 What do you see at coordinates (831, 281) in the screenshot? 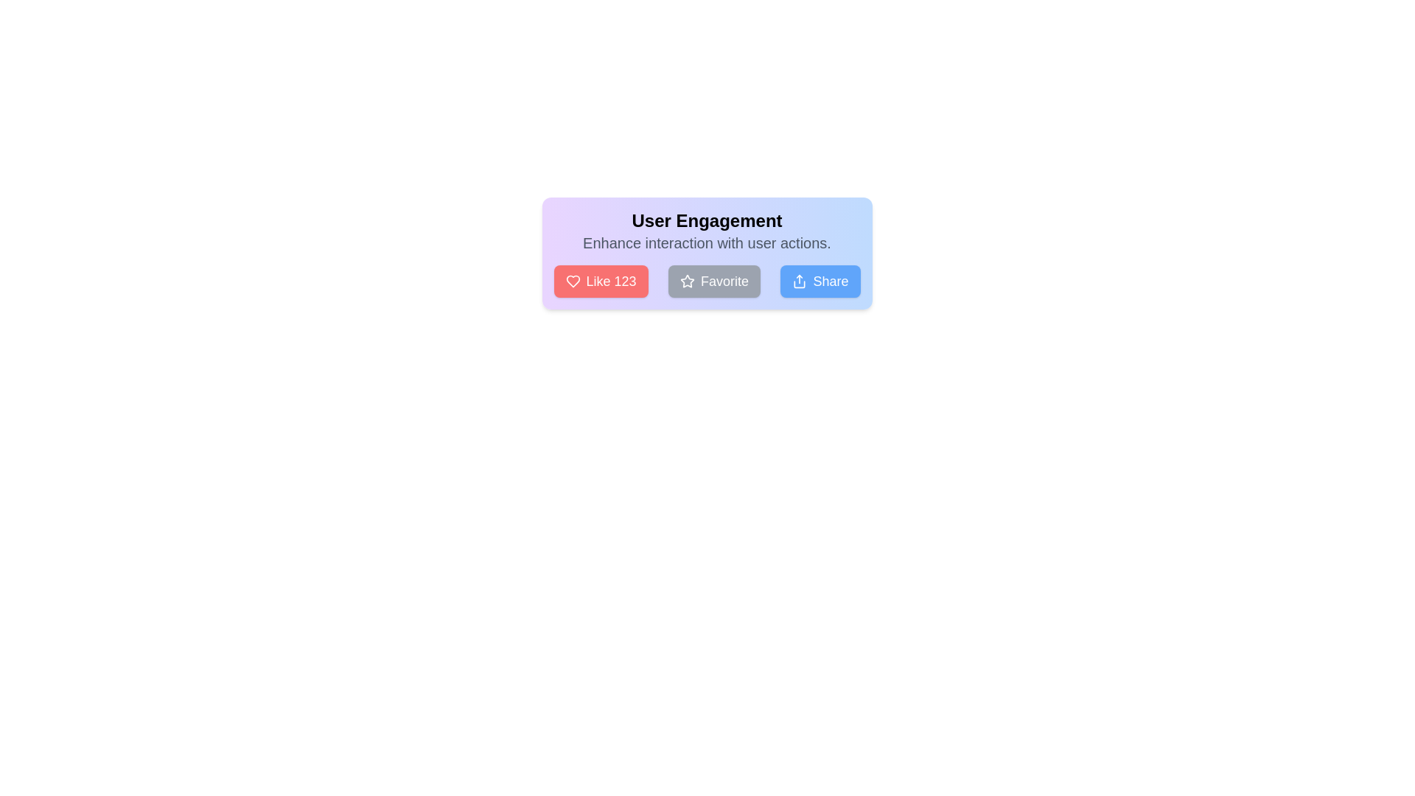
I see `text 'Share' from the blue text label located inside the interactive 'Share' button on the light blue background panel labeled 'User Engagement'` at bounding box center [831, 281].